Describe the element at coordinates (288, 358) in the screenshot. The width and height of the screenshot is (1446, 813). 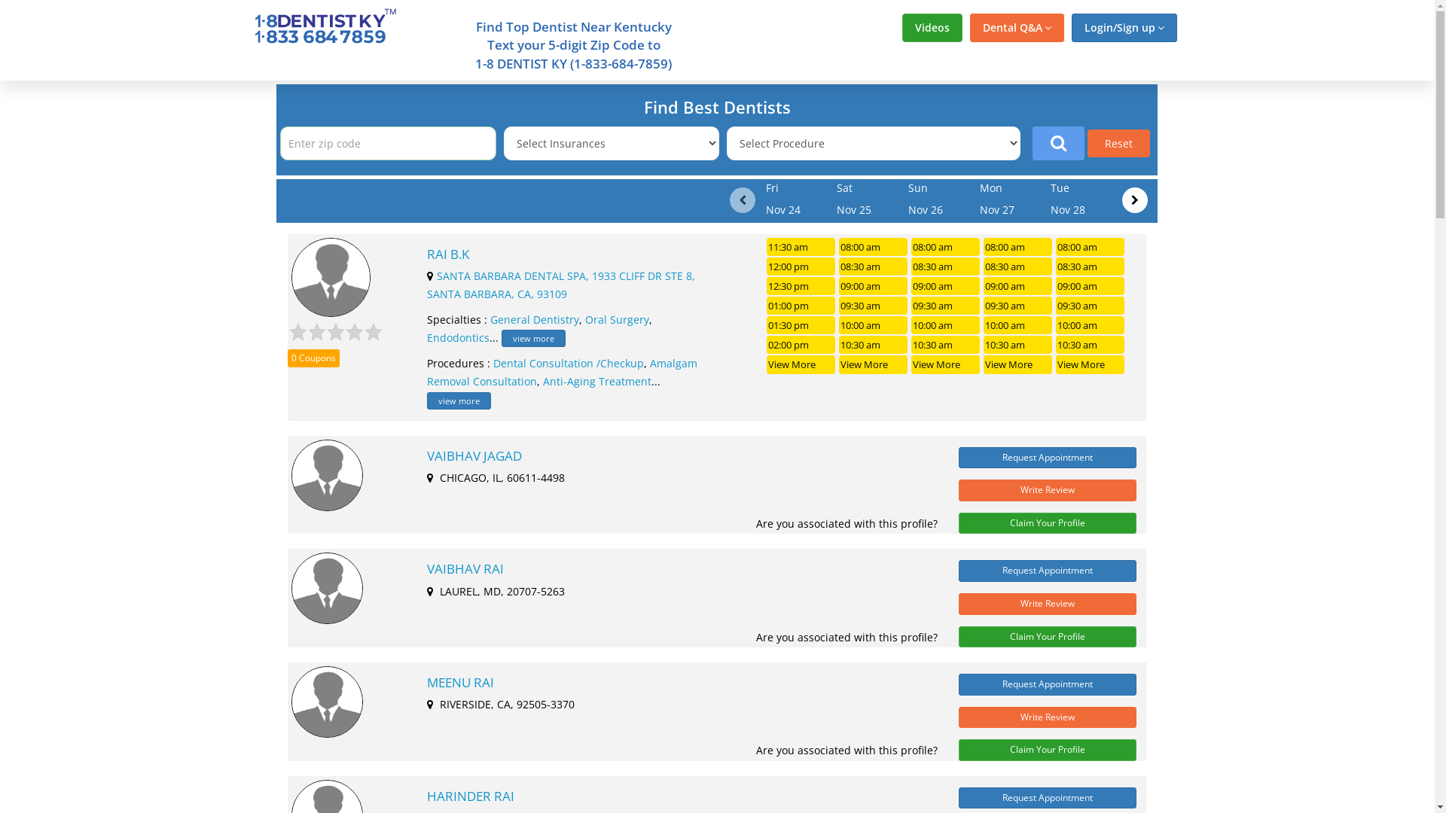
I see `'0 Coupons'` at that location.